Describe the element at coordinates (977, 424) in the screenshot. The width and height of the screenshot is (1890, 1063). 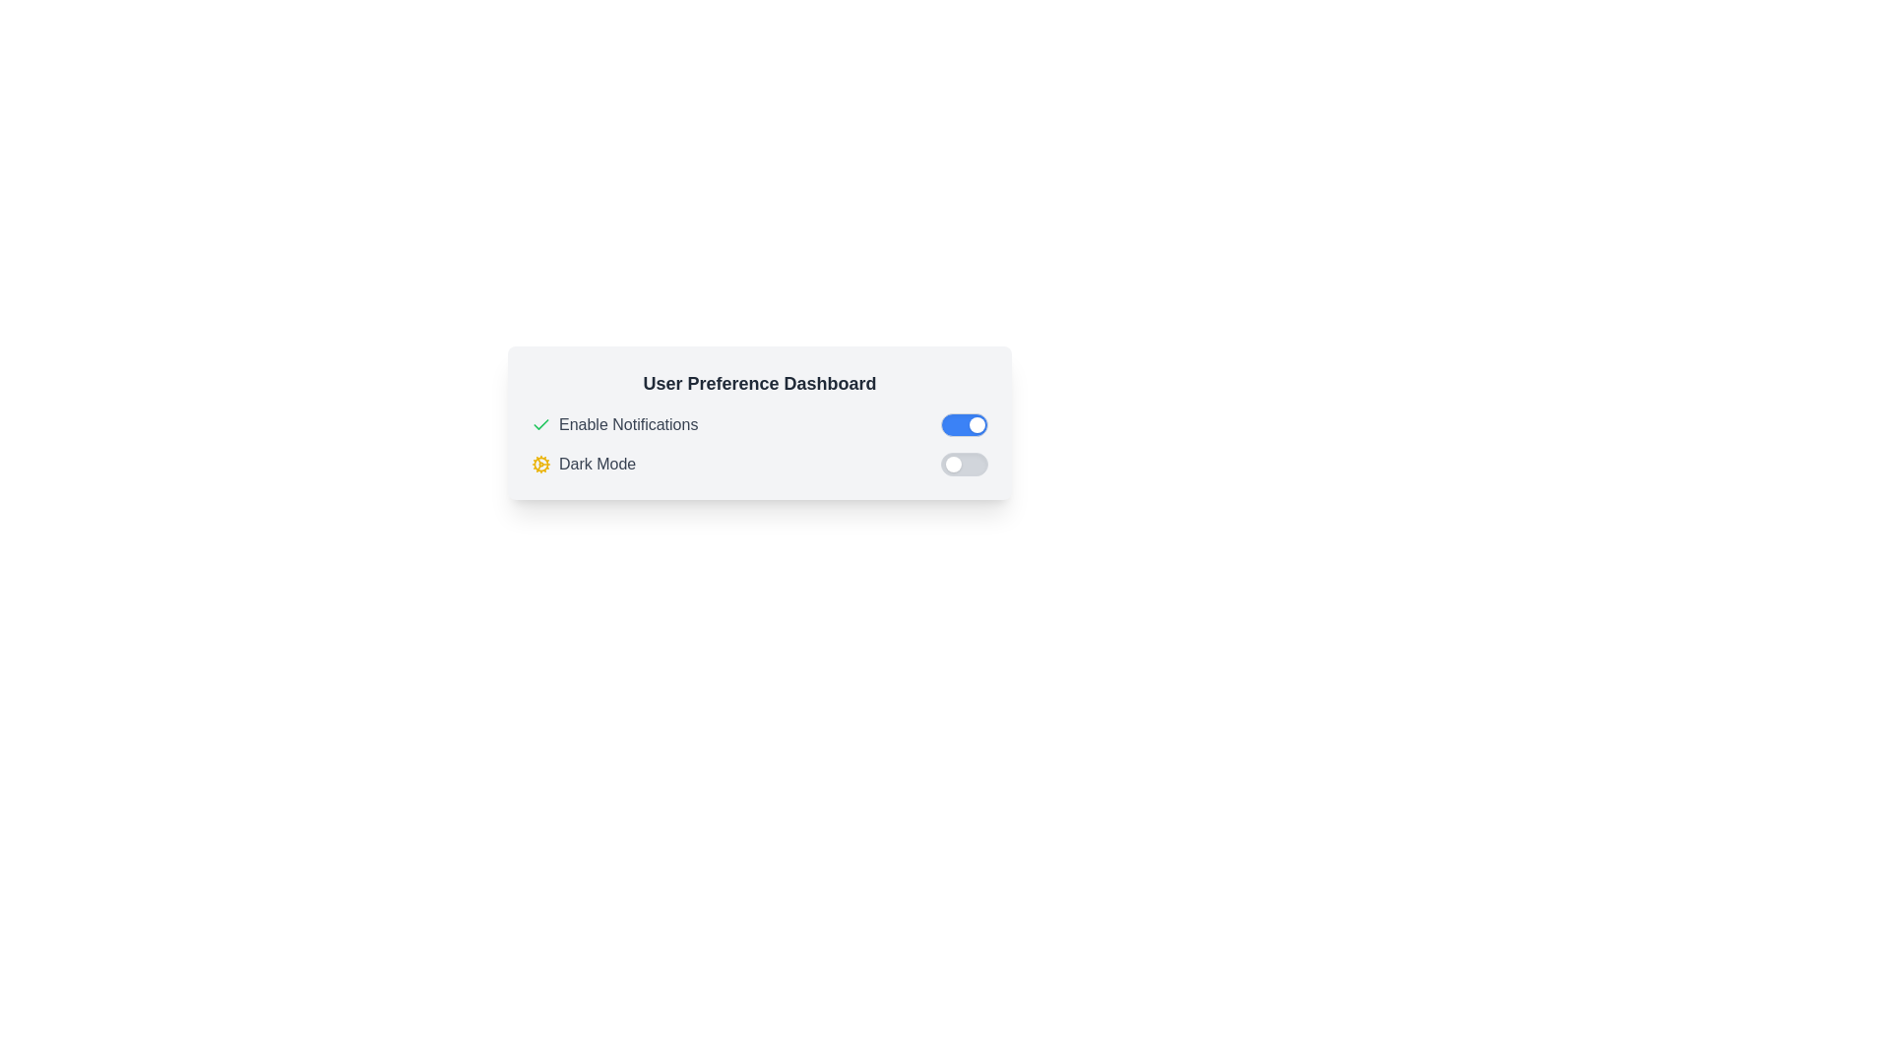
I see `the toggle switch handle for the 'Enable Notifications' setting, which is a small circular handle with a white background, located at the far-right of the toggle bar` at that location.